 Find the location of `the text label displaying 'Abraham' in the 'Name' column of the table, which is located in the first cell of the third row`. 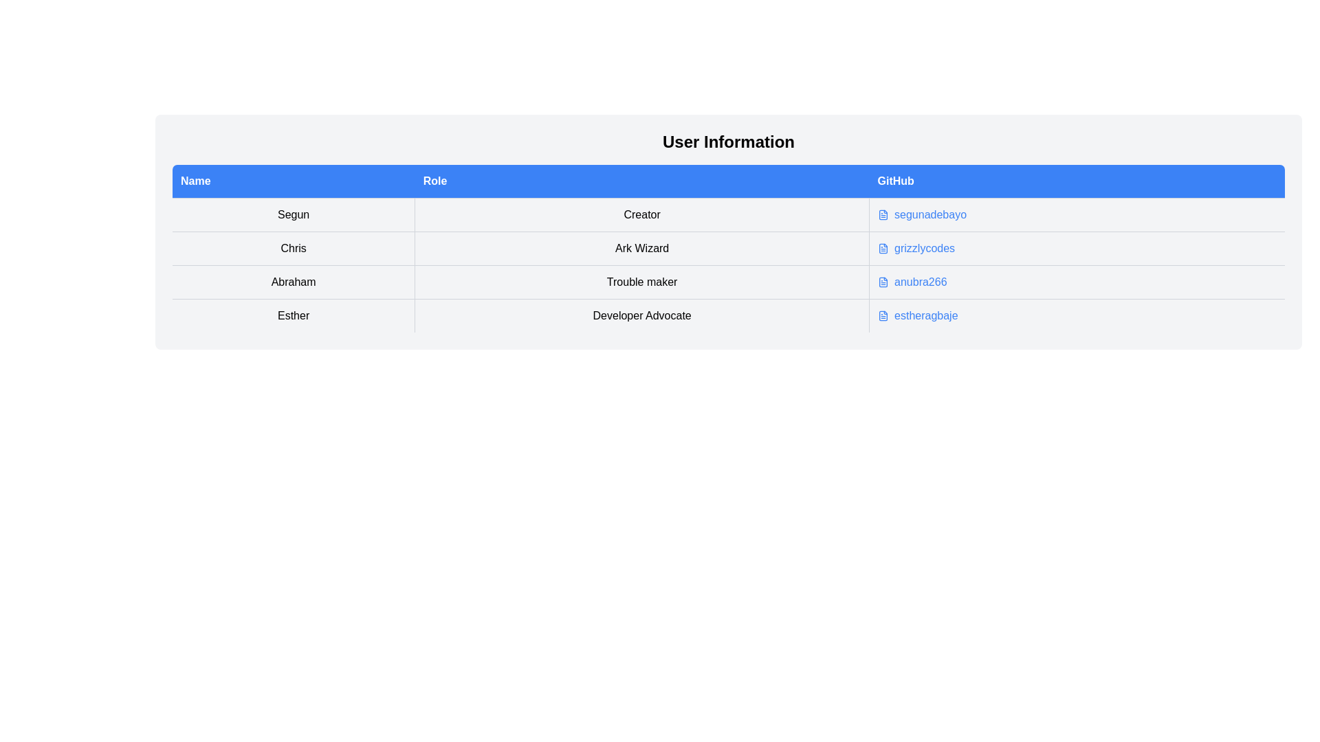

the text label displaying 'Abraham' in the 'Name' column of the table, which is located in the first cell of the third row is located at coordinates (293, 282).